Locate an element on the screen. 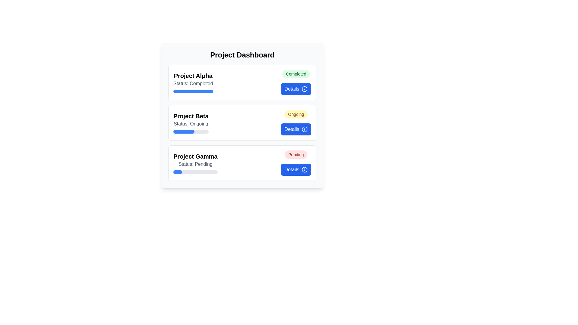  the 'Details' button with a blue background and white text located under the 'Completed' label in the 'Project Alpha' card is located at coordinates (296, 89).